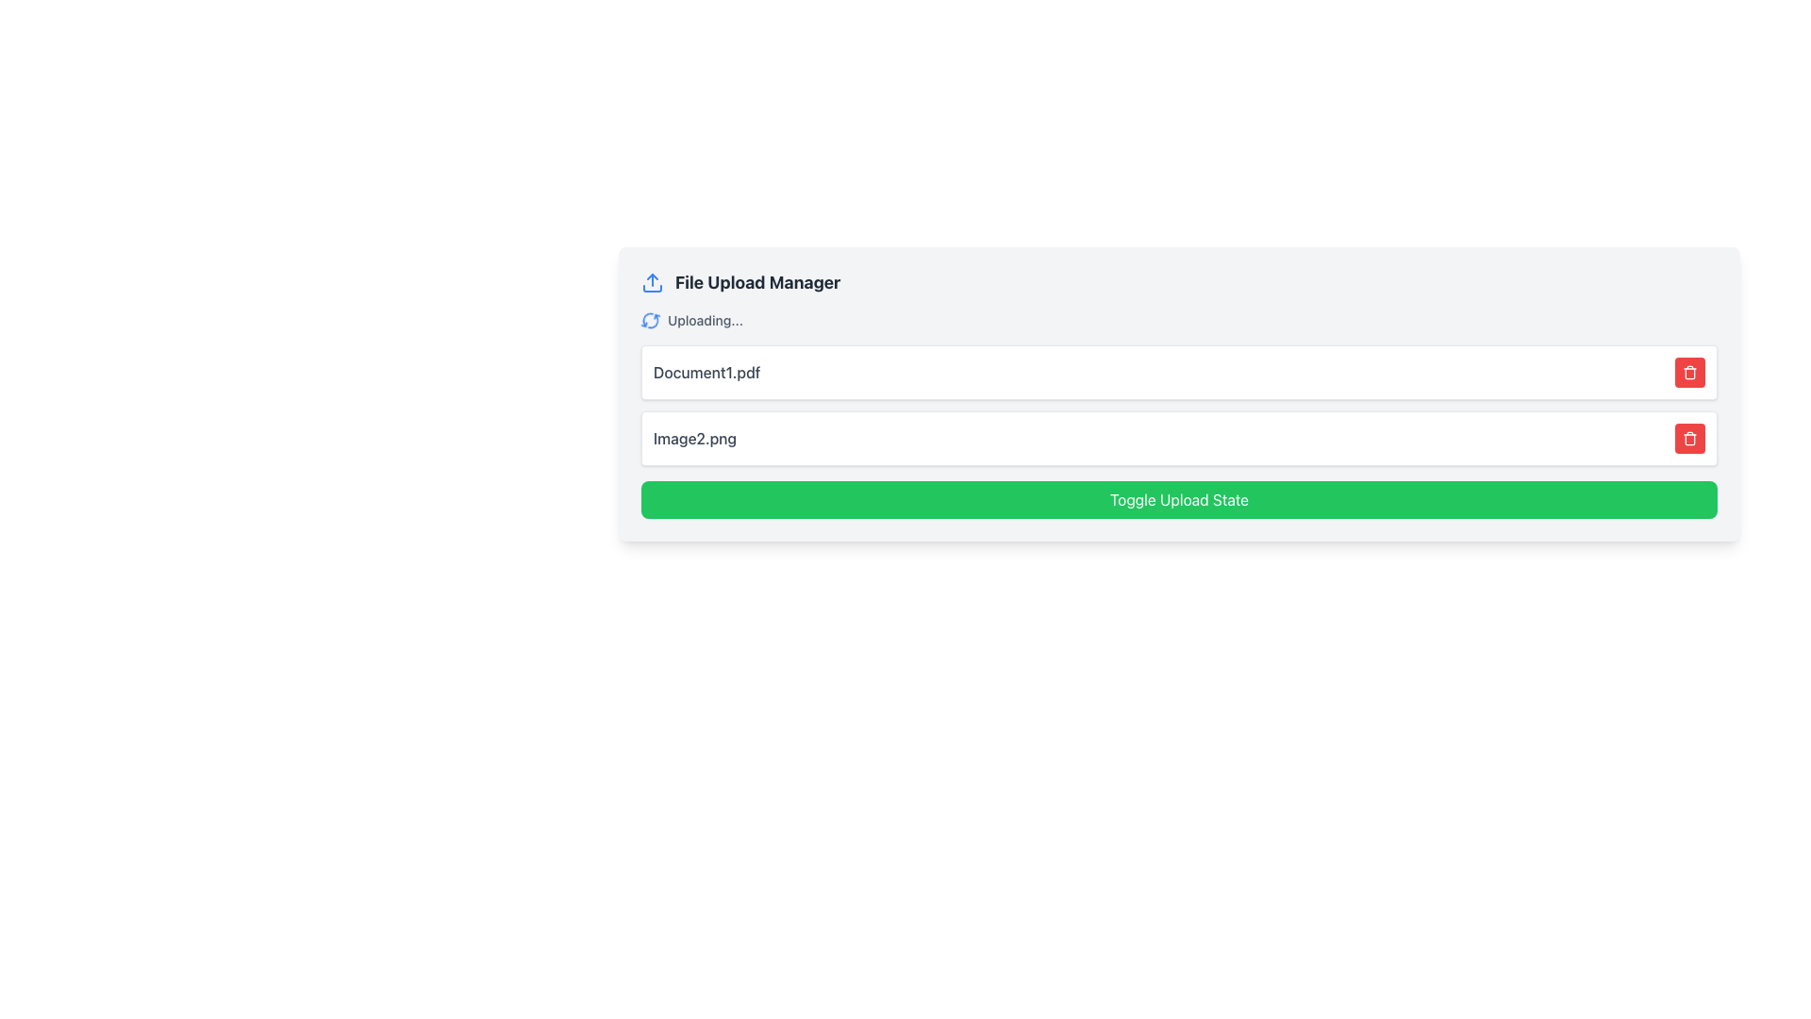 The width and height of the screenshot is (1811, 1019). What do you see at coordinates (757, 283) in the screenshot?
I see `the Static Text element that serves as the title for the file management interface, located at the top-left section above the 'Uploading...' label` at bounding box center [757, 283].